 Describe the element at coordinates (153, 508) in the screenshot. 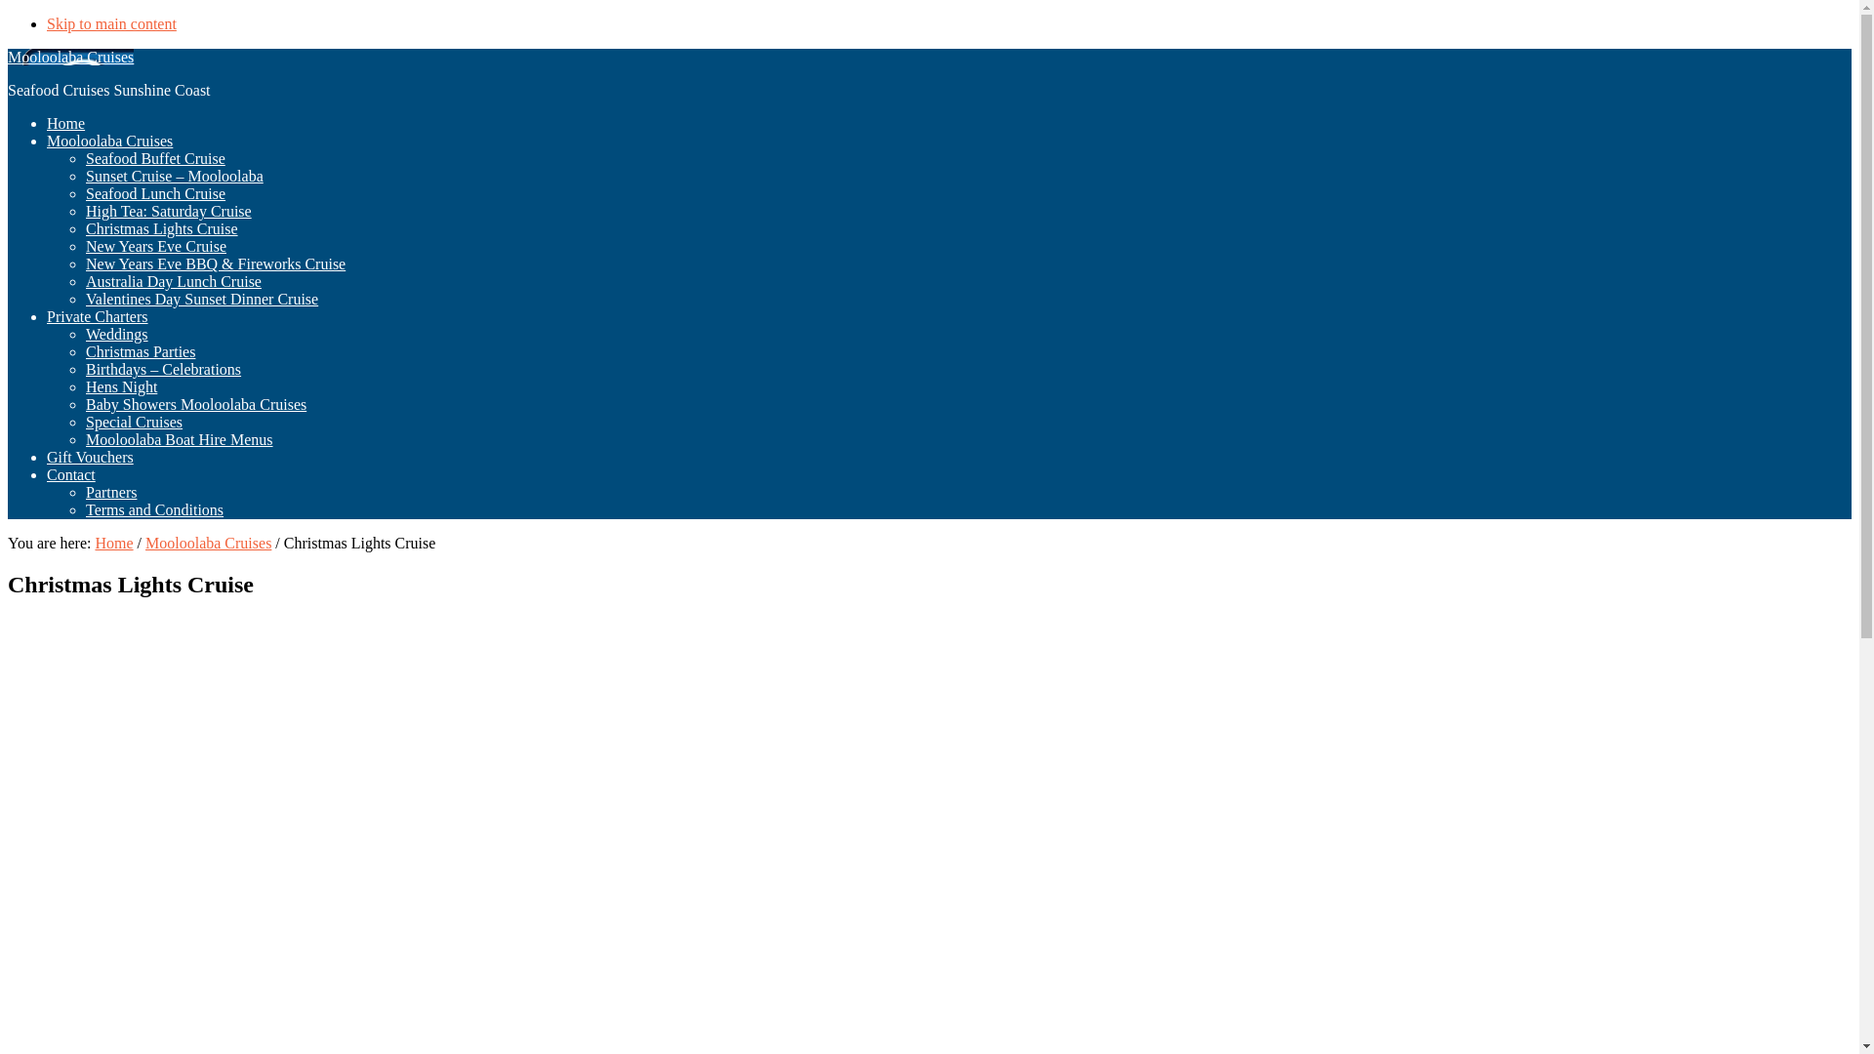

I see `'Terms and Conditions'` at that location.